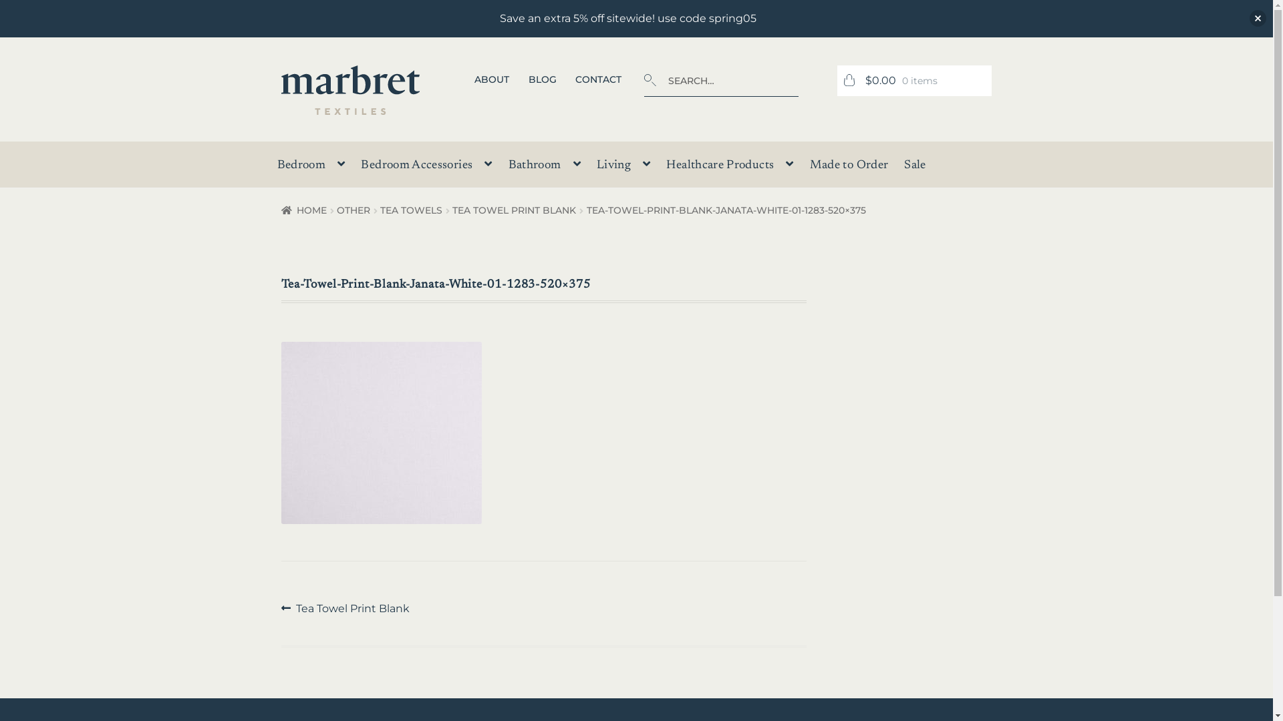  What do you see at coordinates (913, 80) in the screenshot?
I see `'$0.00 0 items'` at bounding box center [913, 80].